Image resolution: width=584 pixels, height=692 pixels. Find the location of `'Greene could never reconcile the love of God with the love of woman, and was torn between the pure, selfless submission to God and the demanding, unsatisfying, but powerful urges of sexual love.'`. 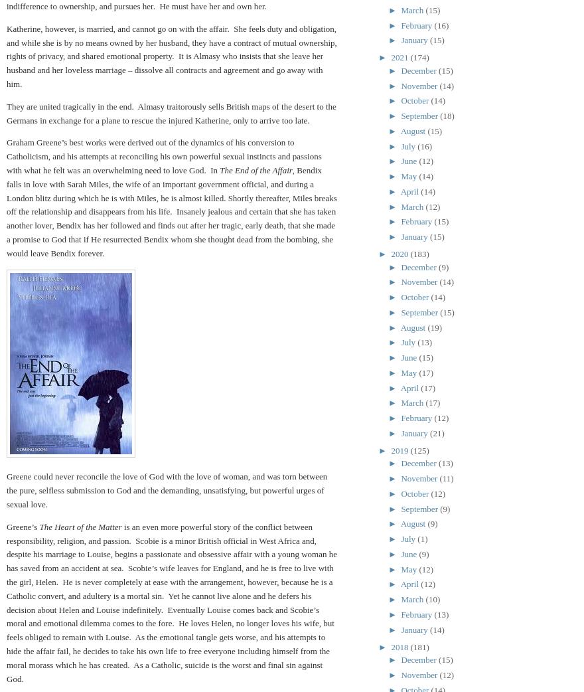

'Greene could never reconcile the love of God with the love of woman, and was torn between the pure, selfless submission to God and the demanding, unsatisfying, but powerful urges of sexual love.' is located at coordinates (166, 489).